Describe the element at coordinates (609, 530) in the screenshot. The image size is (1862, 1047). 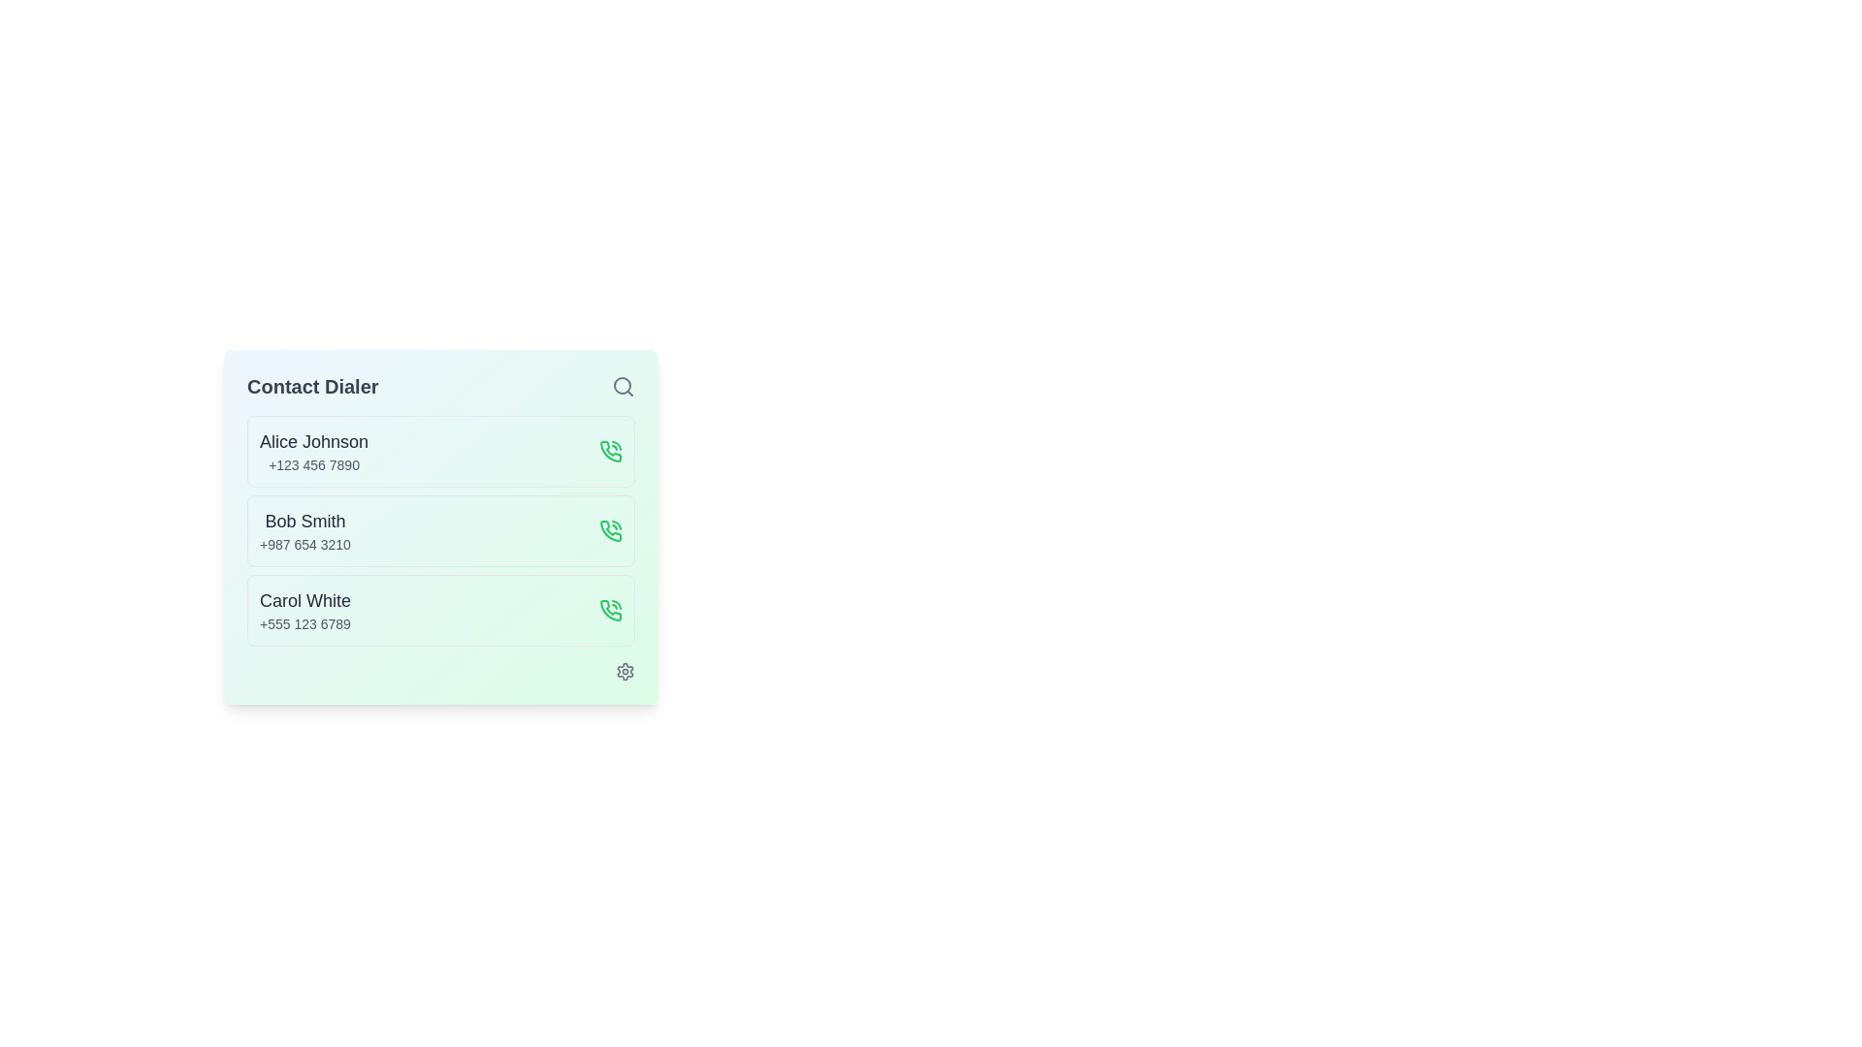
I see `the phone icon located to the right of the contact details 'Bob Smith' and '+987 654 3210' in the second entry of the contact list to initiate a call or access calling functionalities` at that location.